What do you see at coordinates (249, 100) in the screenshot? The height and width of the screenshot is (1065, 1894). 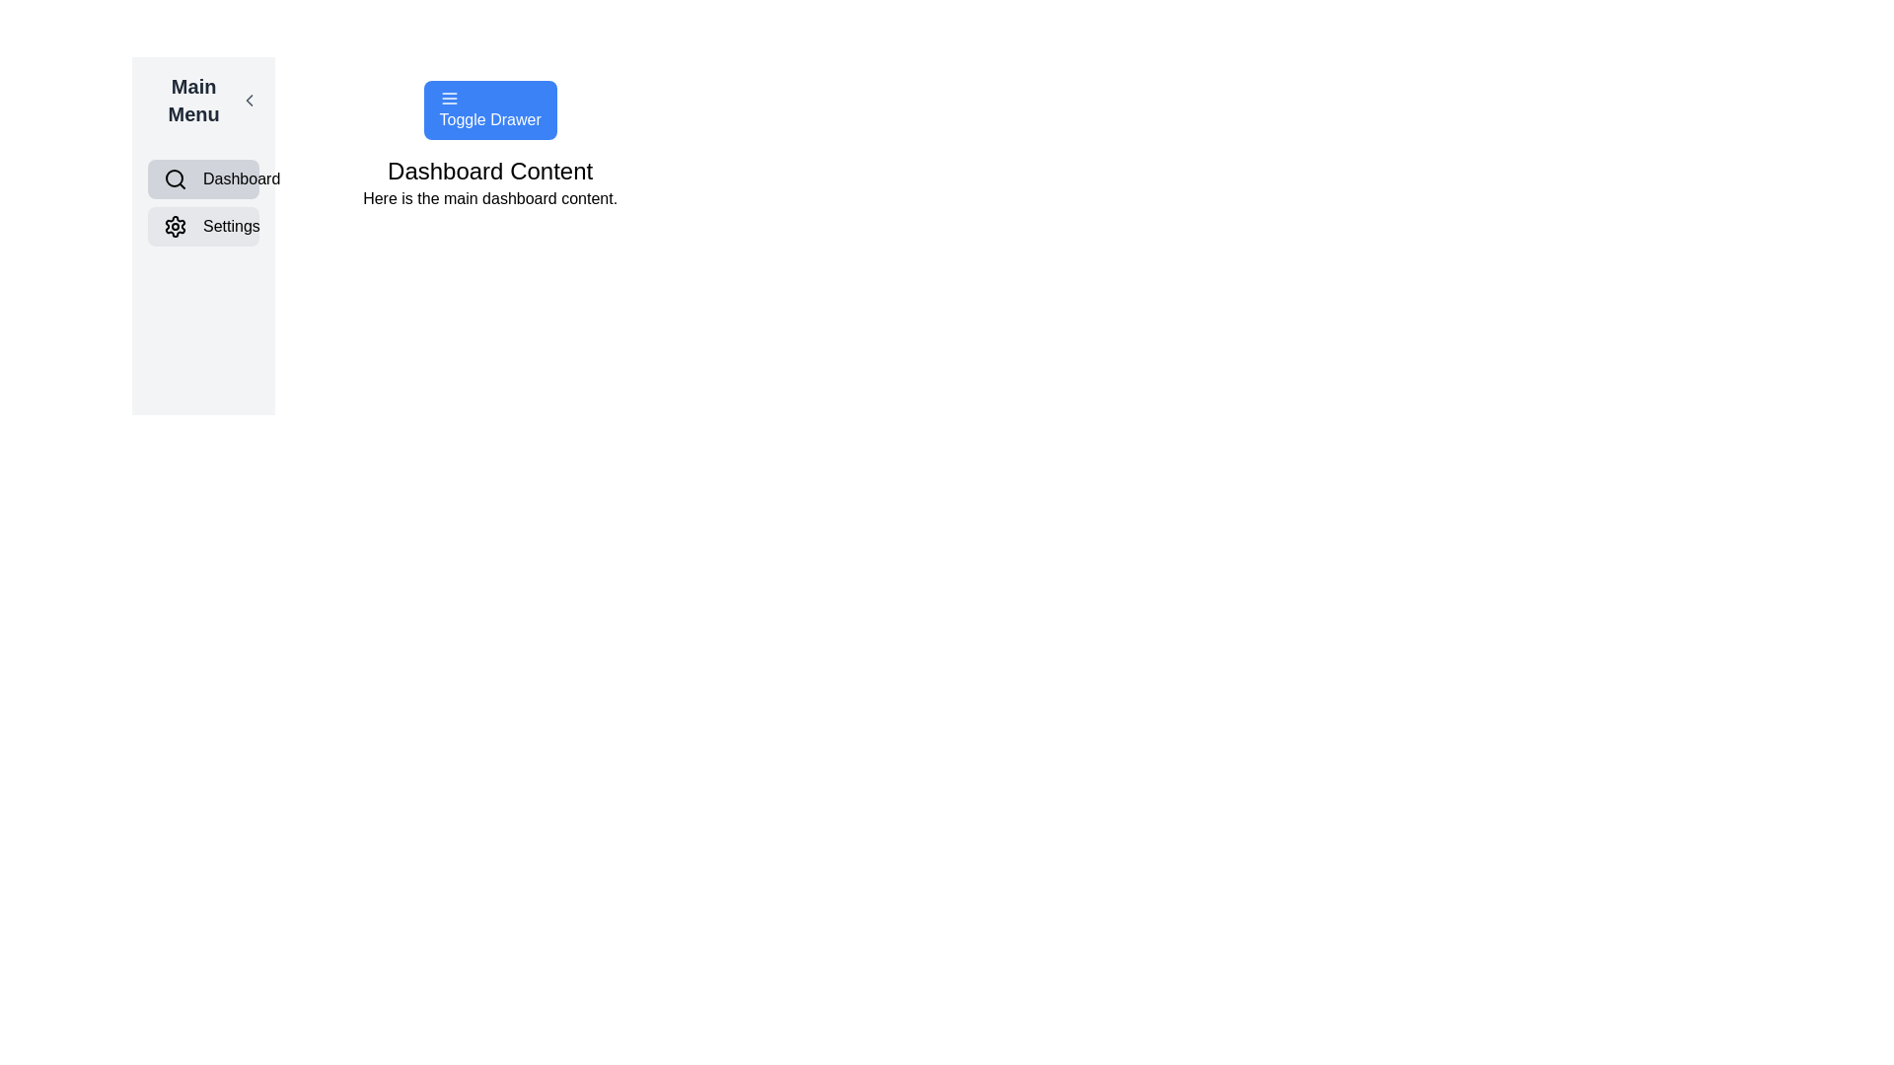 I see `the small leftward-pointing arrow icon located to the right of the 'Main Menu' text in the top-right corner of the left vertical navigation panel` at bounding box center [249, 100].